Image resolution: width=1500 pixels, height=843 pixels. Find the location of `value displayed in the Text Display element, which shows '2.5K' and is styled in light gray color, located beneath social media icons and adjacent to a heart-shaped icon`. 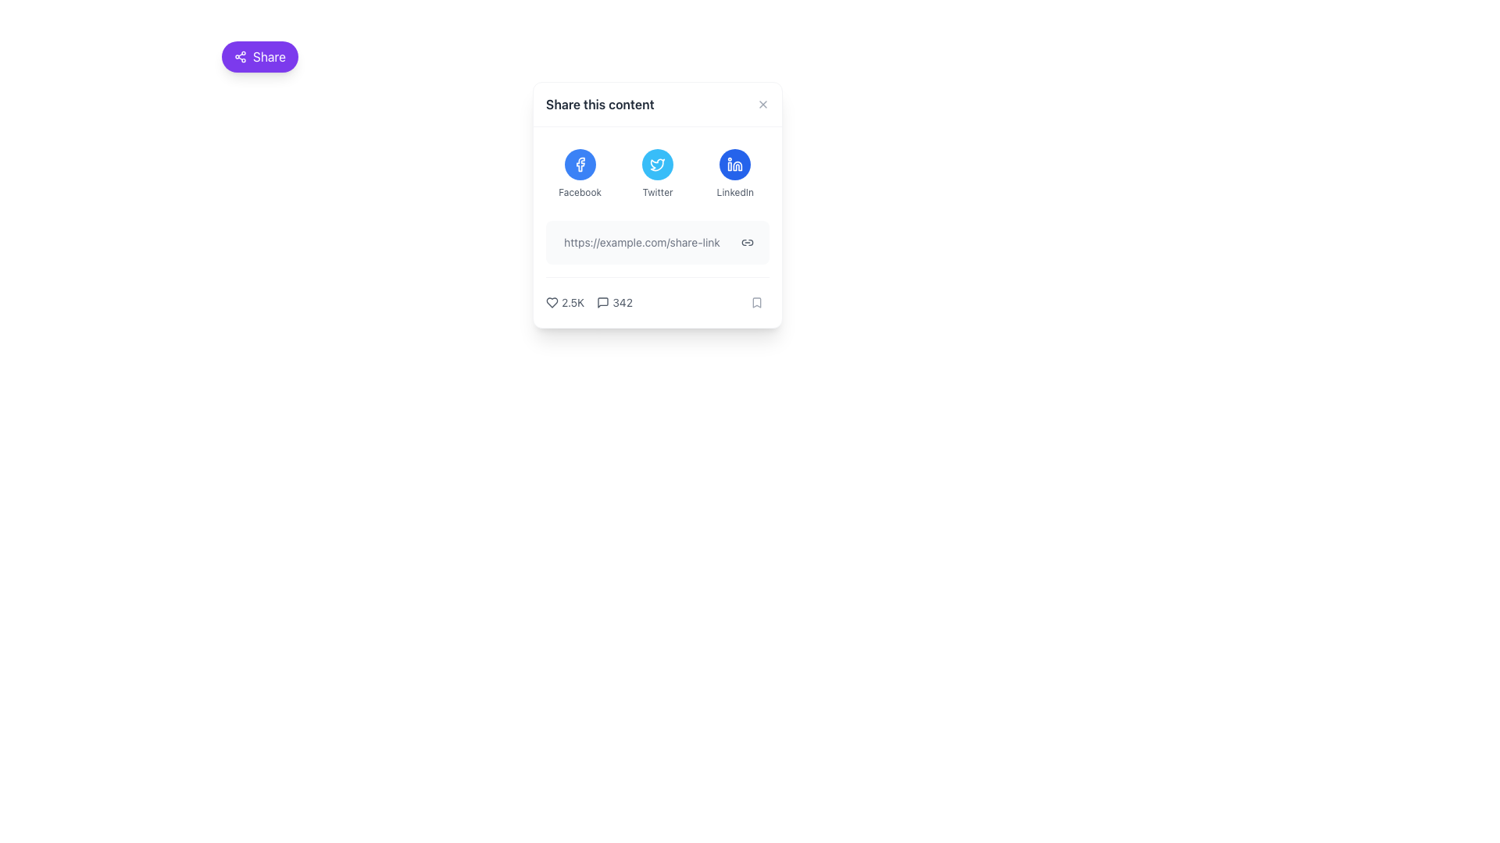

value displayed in the Text Display element, which shows '2.5K' and is styled in light gray color, located beneath social media icons and adjacent to a heart-shaped icon is located at coordinates (572, 303).